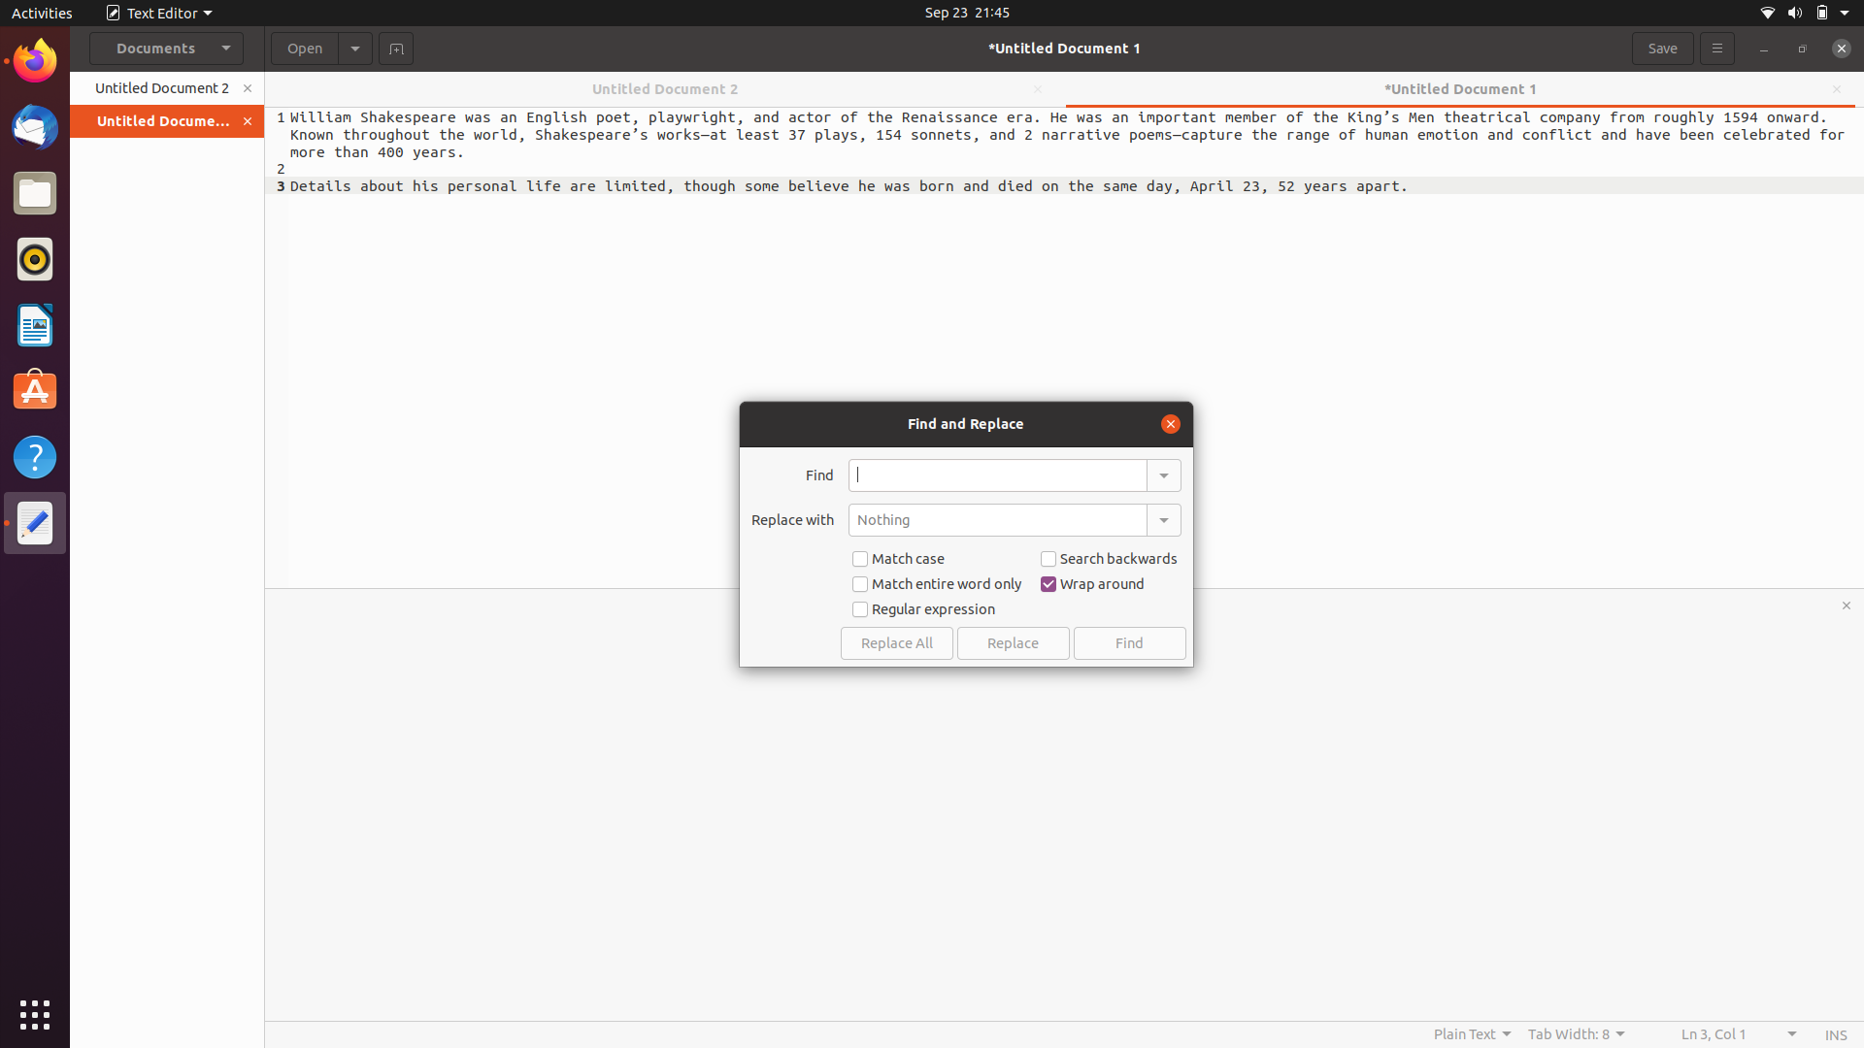 This screenshot has height=1048, width=1864. What do you see at coordinates (997, 475) in the screenshot?
I see `In the given document, replace each occurrence of "apple" with "orange` at bounding box center [997, 475].